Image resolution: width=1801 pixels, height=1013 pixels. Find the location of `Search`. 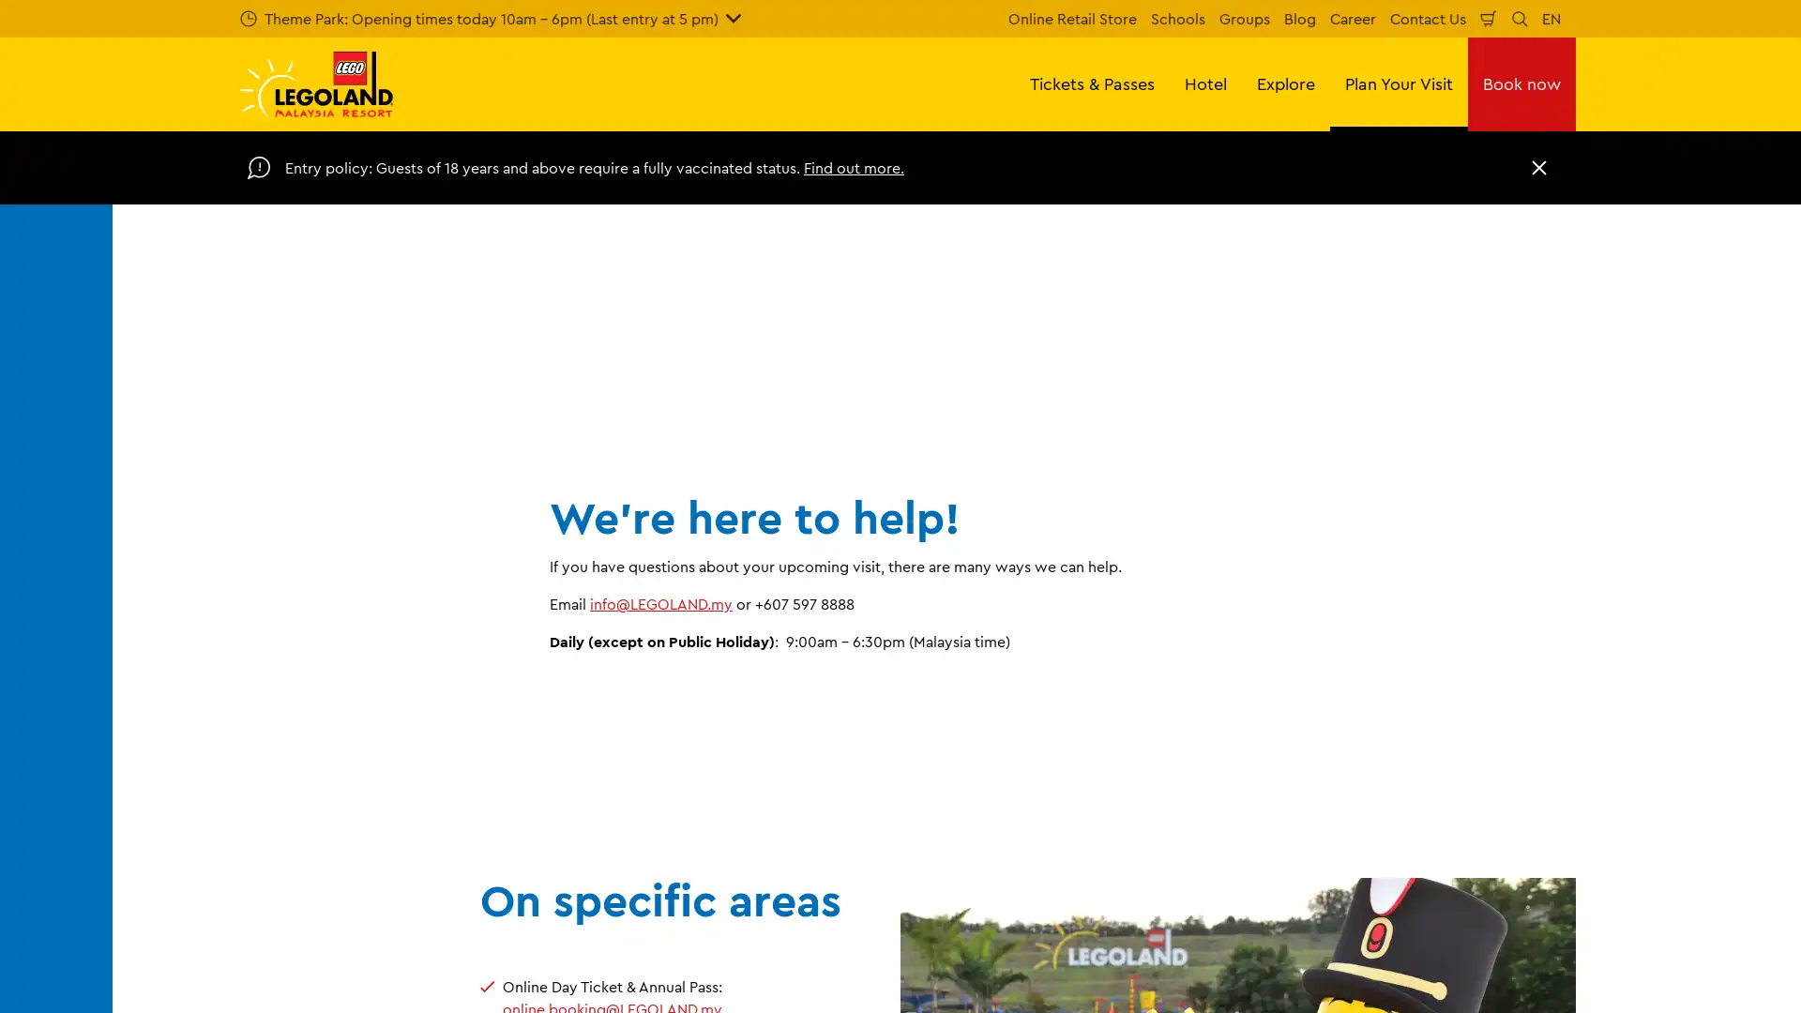

Search is located at coordinates (1520, 18).